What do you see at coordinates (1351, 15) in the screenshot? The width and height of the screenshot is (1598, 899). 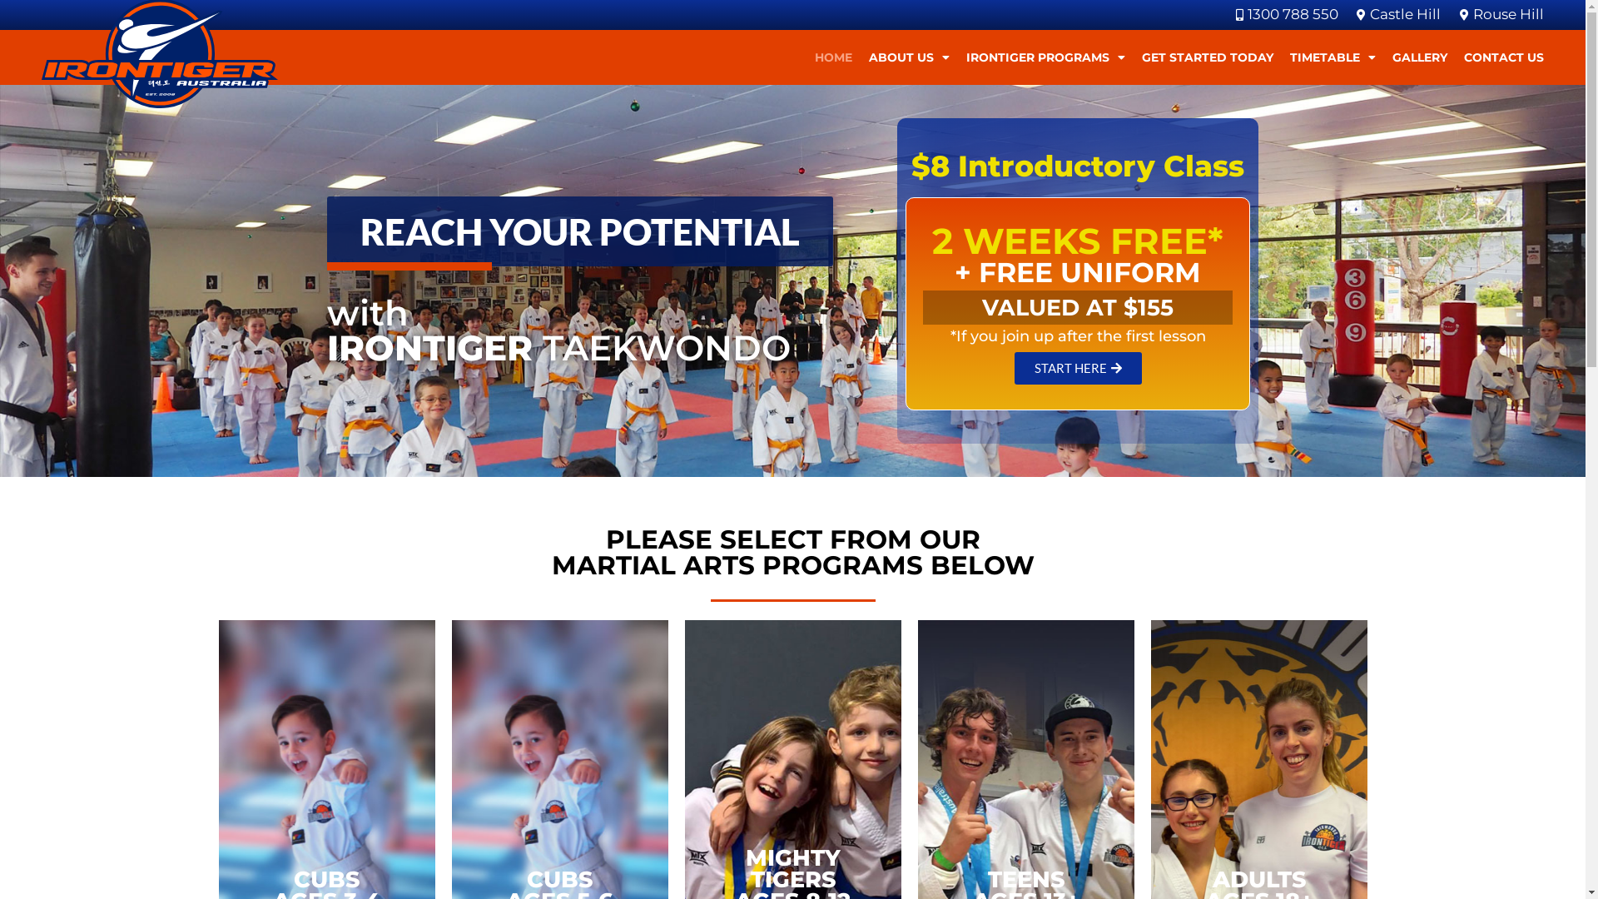 I see `'Castle Hill'` at bounding box center [1351, 15].